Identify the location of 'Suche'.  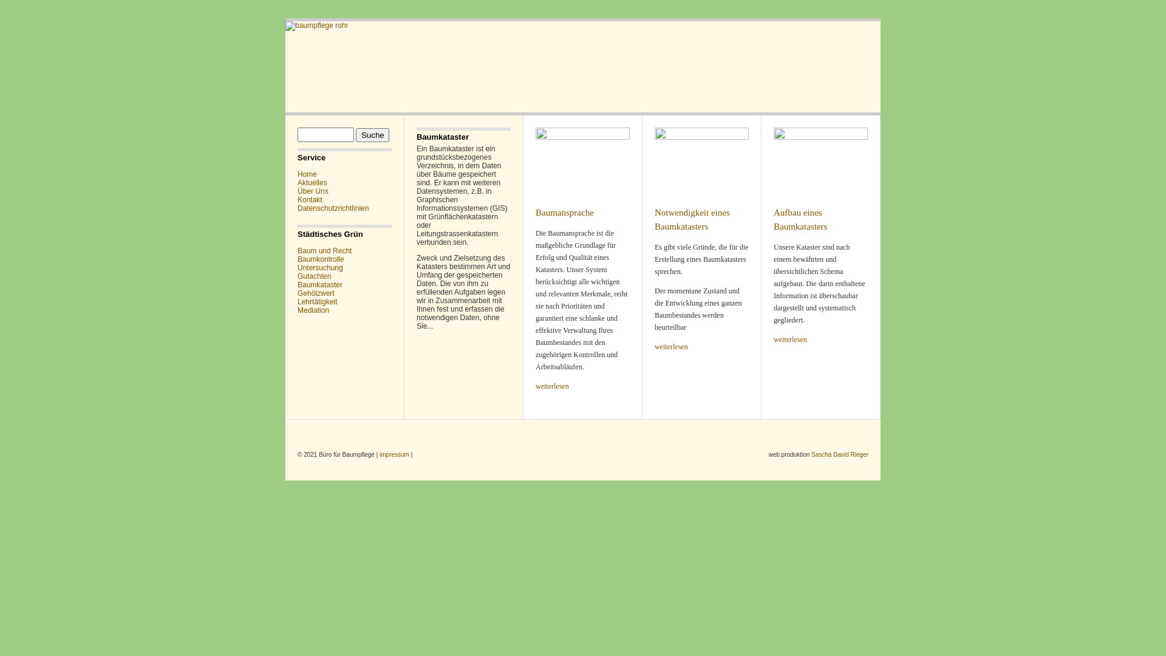
(355, 134).